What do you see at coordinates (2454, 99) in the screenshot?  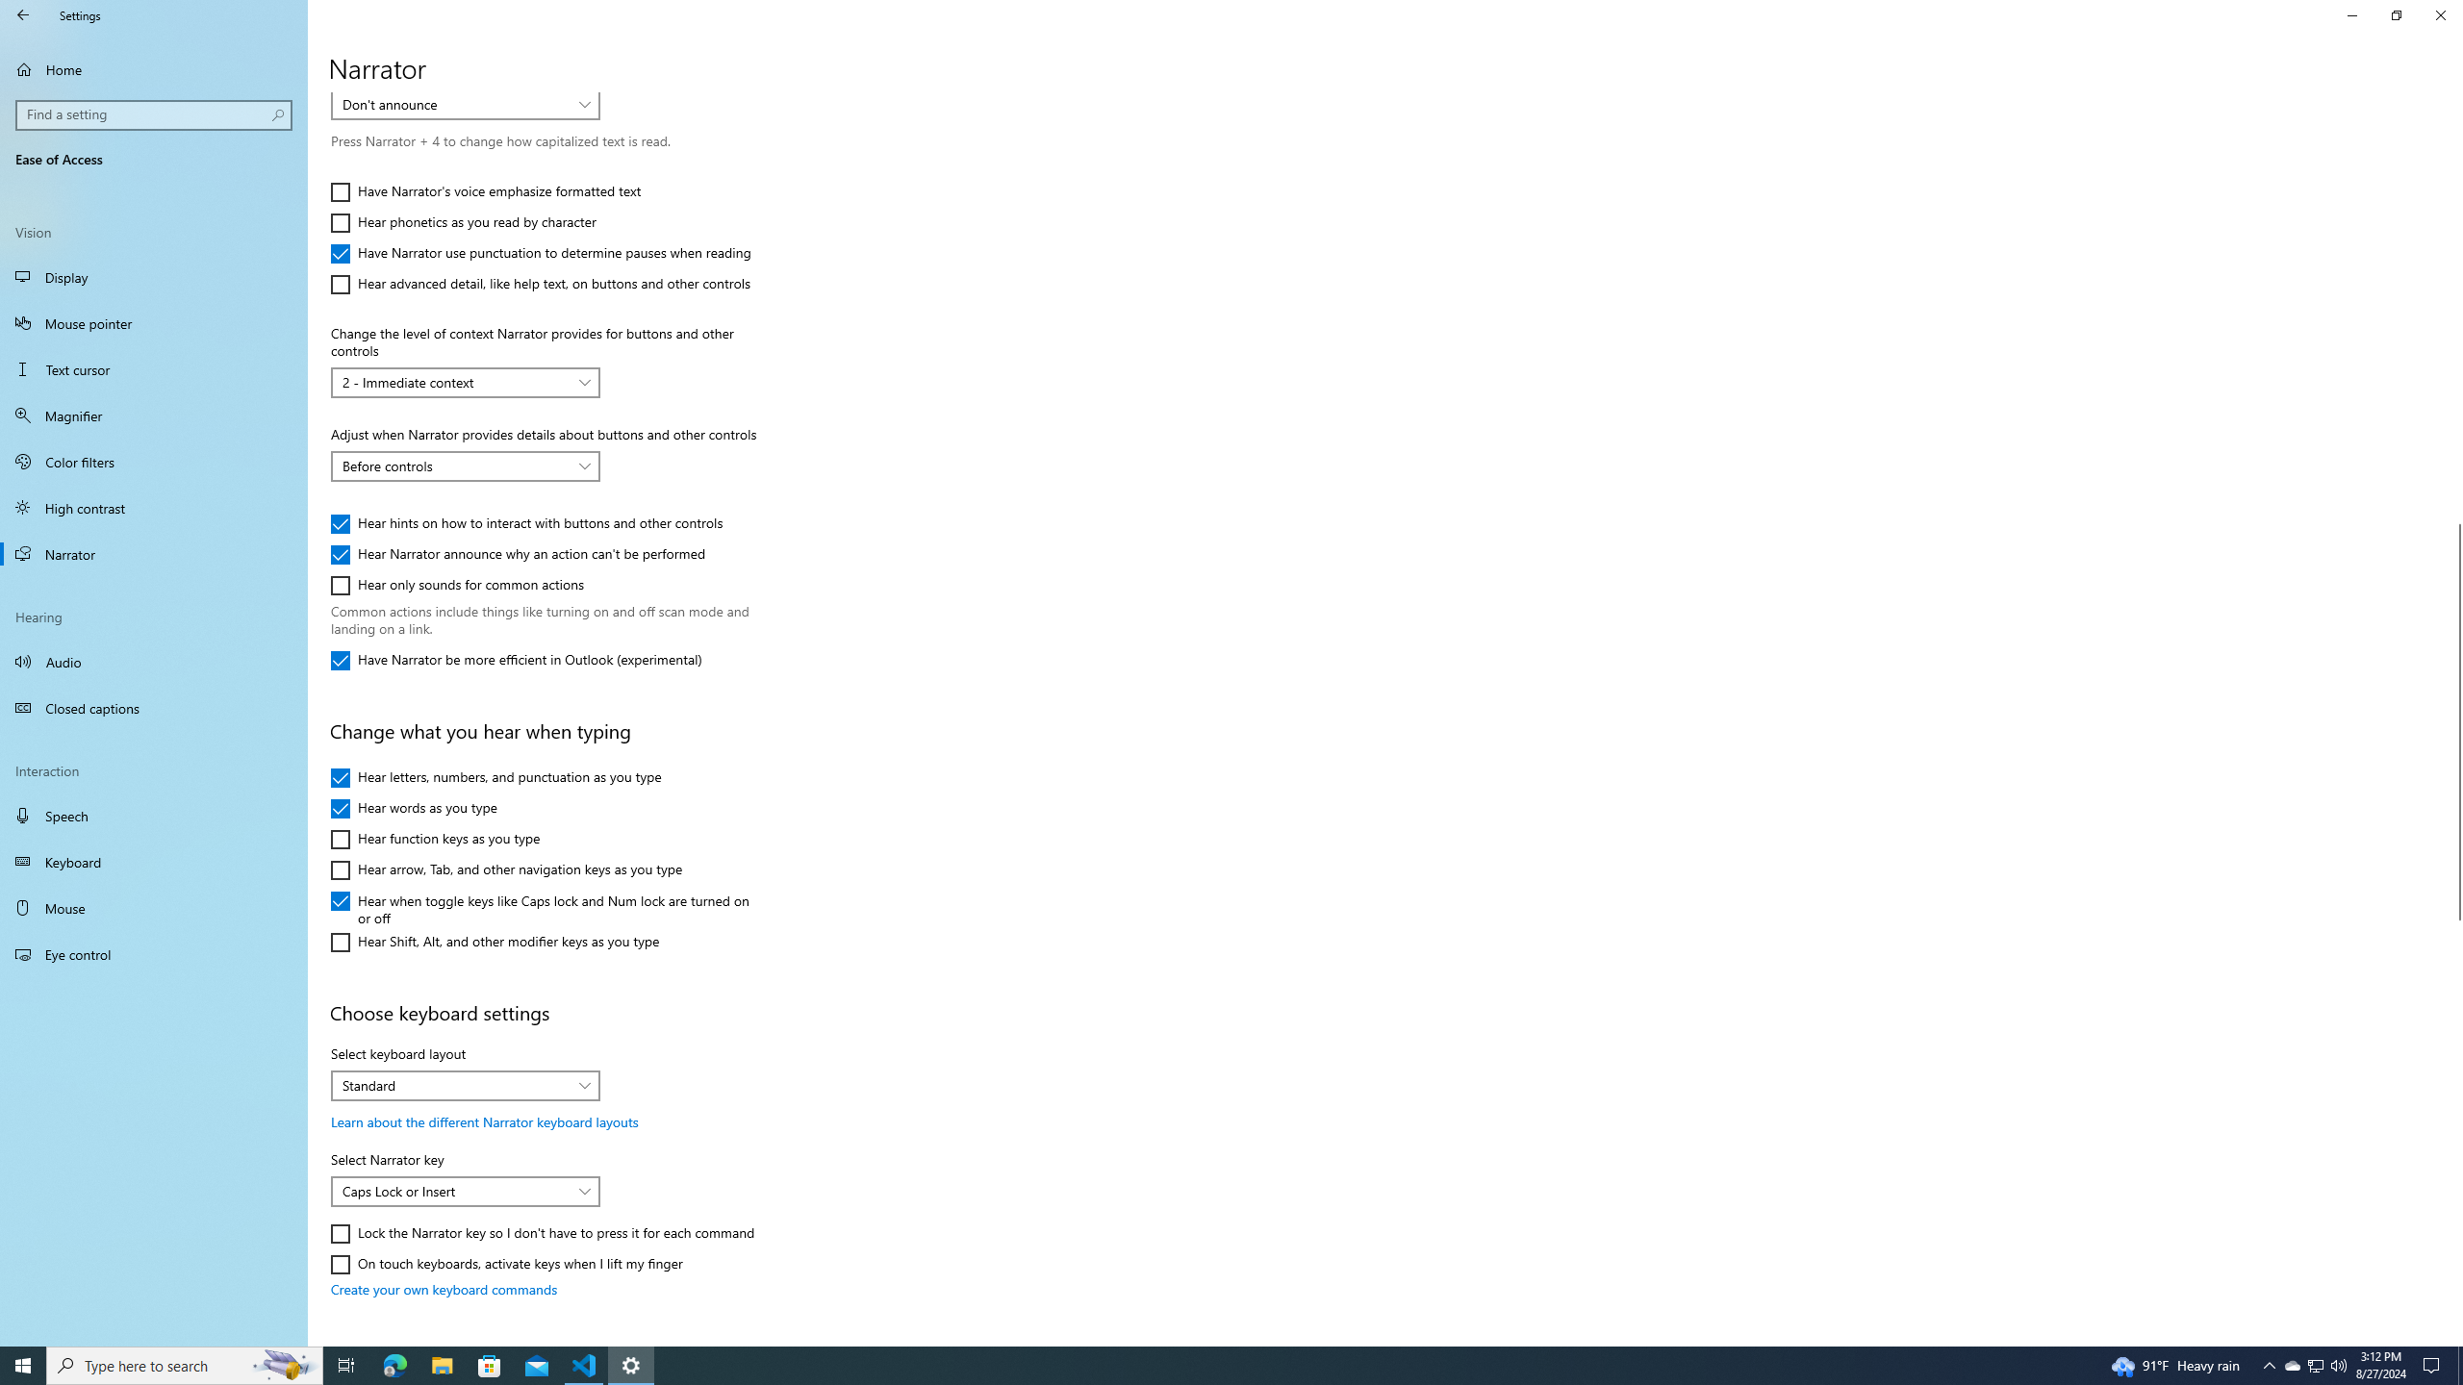 I see `'Vertical Small Decrease'` at bounding box center [2454, 99].